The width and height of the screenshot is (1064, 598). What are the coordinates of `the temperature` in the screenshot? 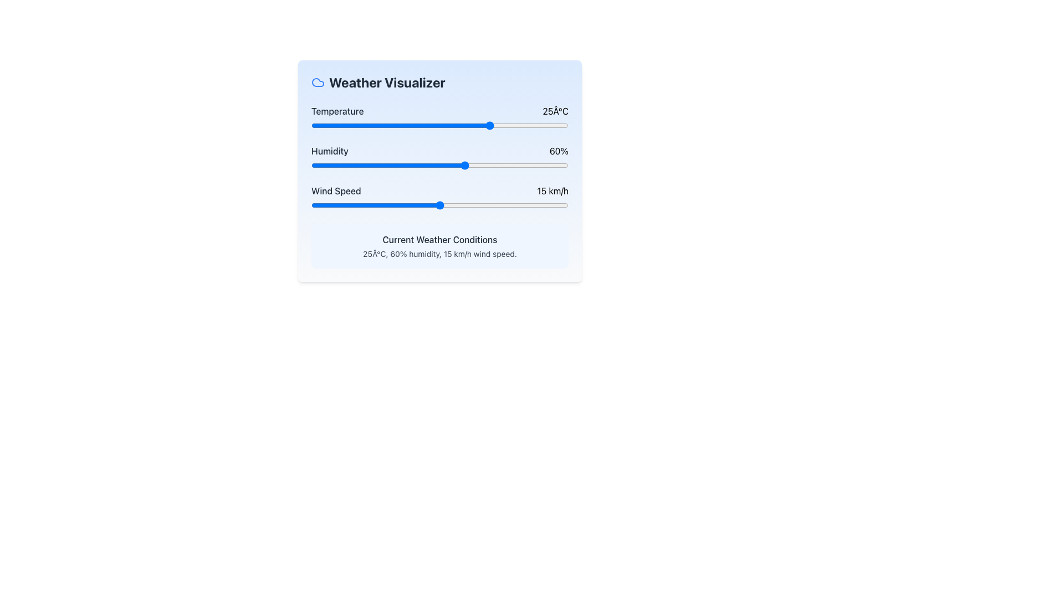 It's located at (490, 125).